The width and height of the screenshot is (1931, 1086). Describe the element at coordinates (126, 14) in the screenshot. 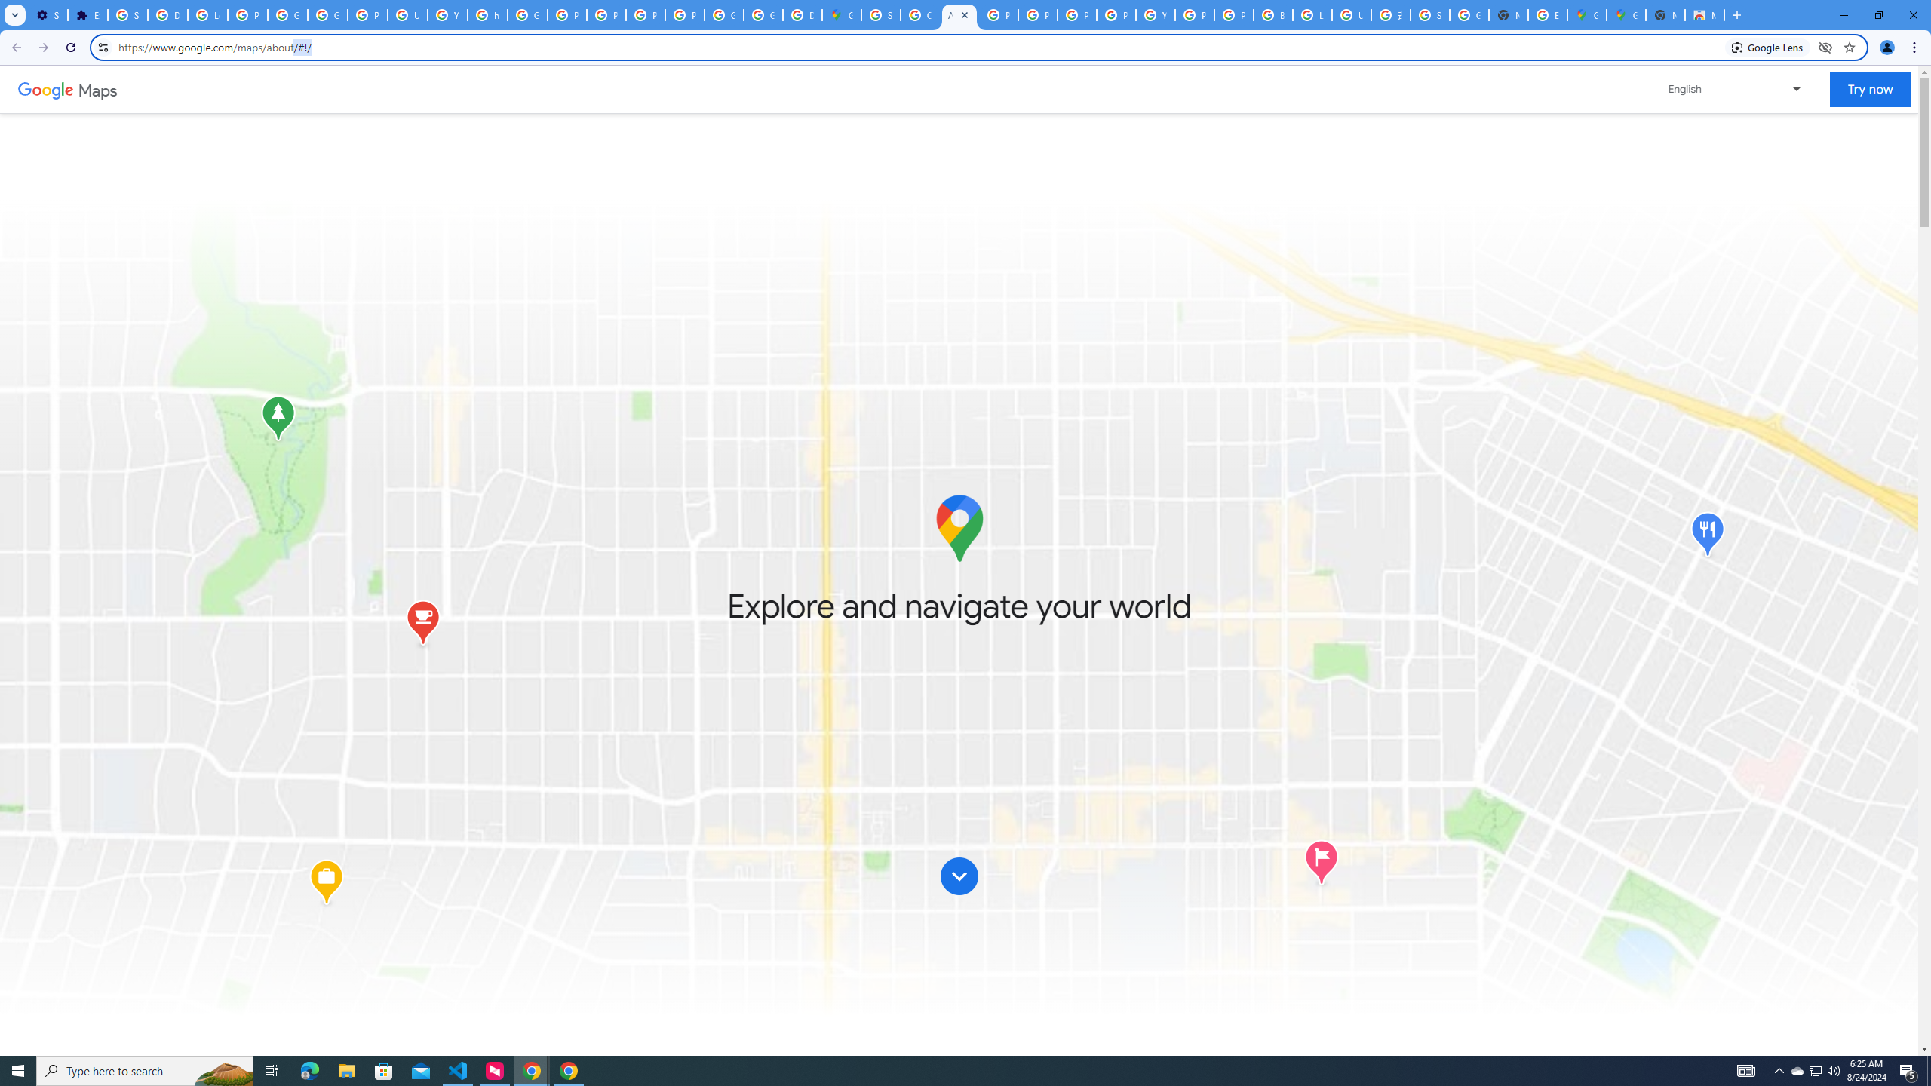

I see `'Sign in - Google Accounts'` at that location.